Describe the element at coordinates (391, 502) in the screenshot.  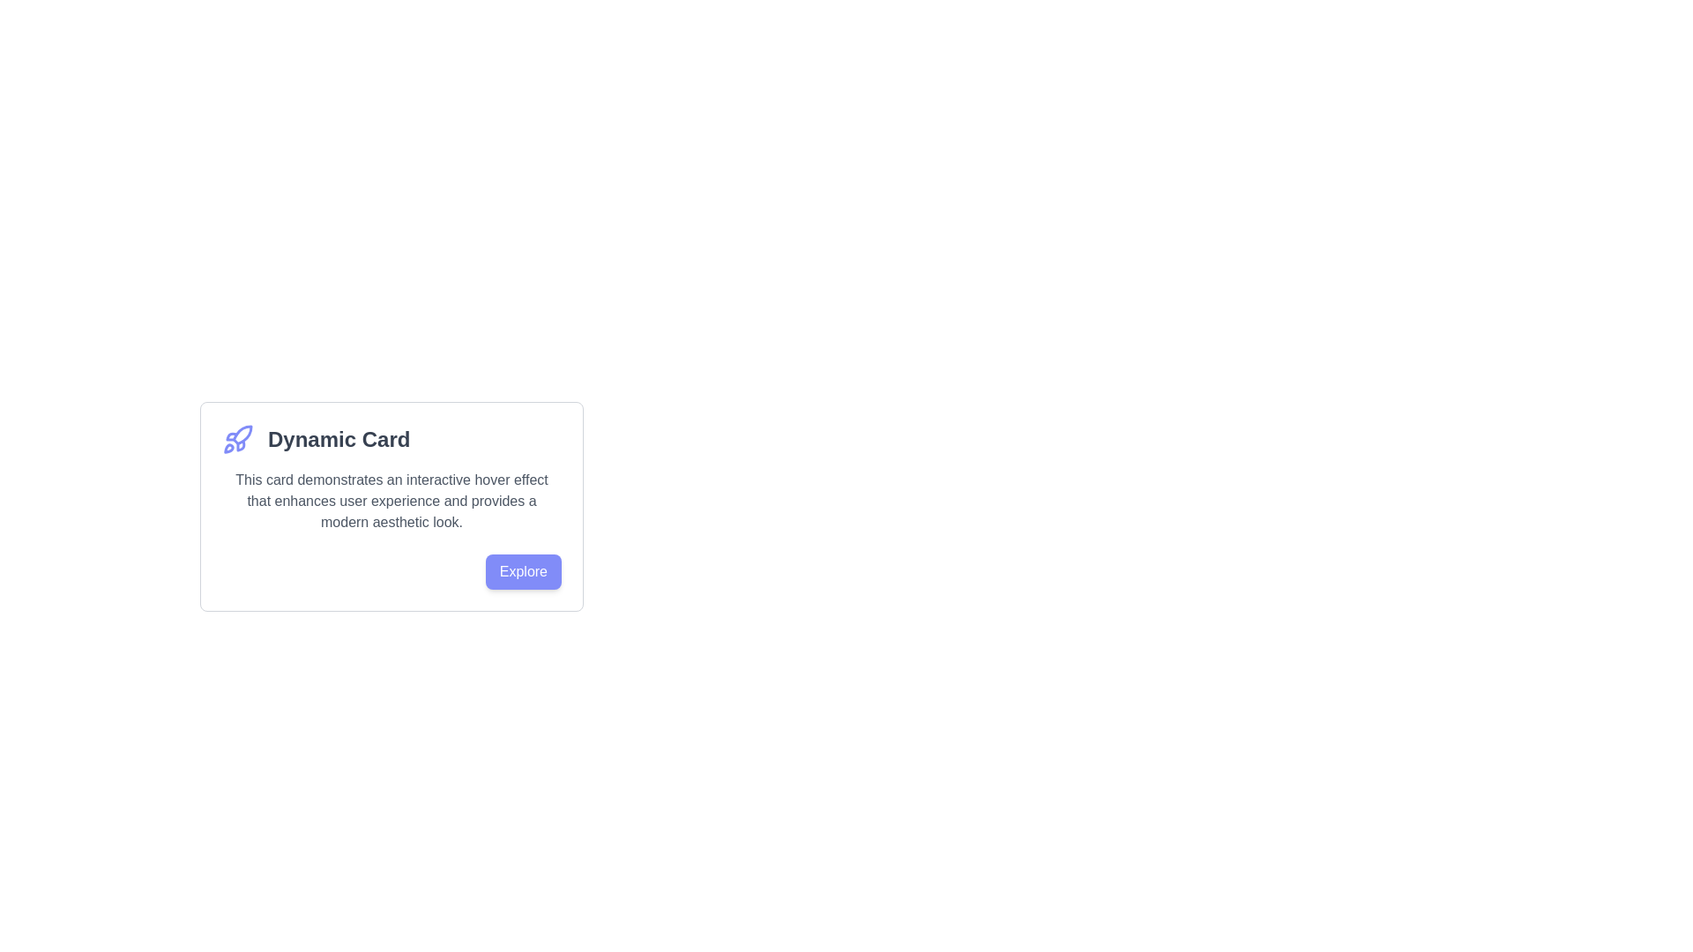
I see `the descriptive text block styled in gray font within the 'Dynamic Card', located centrally between the title and the 'Explore' button` at that location.